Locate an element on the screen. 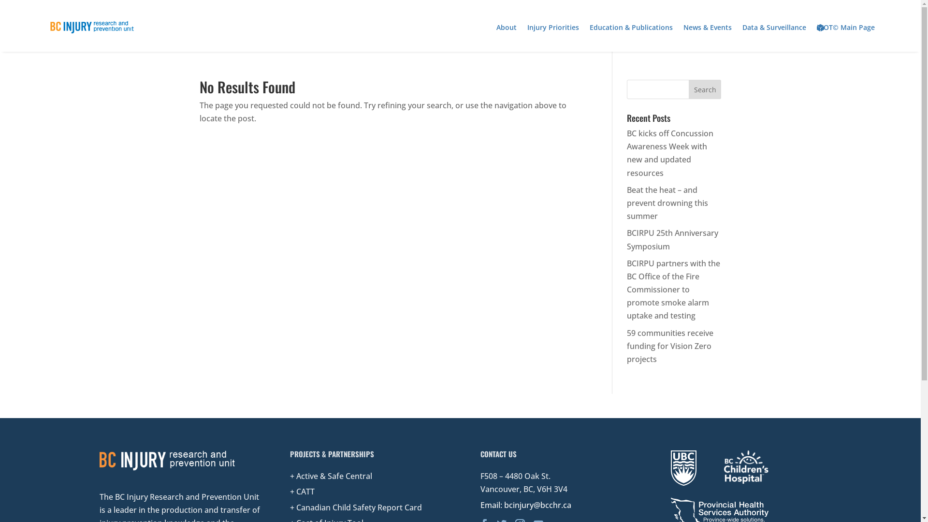 This screenshot has height=522, width=928. 'BCIRPU 25th Anniversary Symposium' is located at coordinates (672, 239).